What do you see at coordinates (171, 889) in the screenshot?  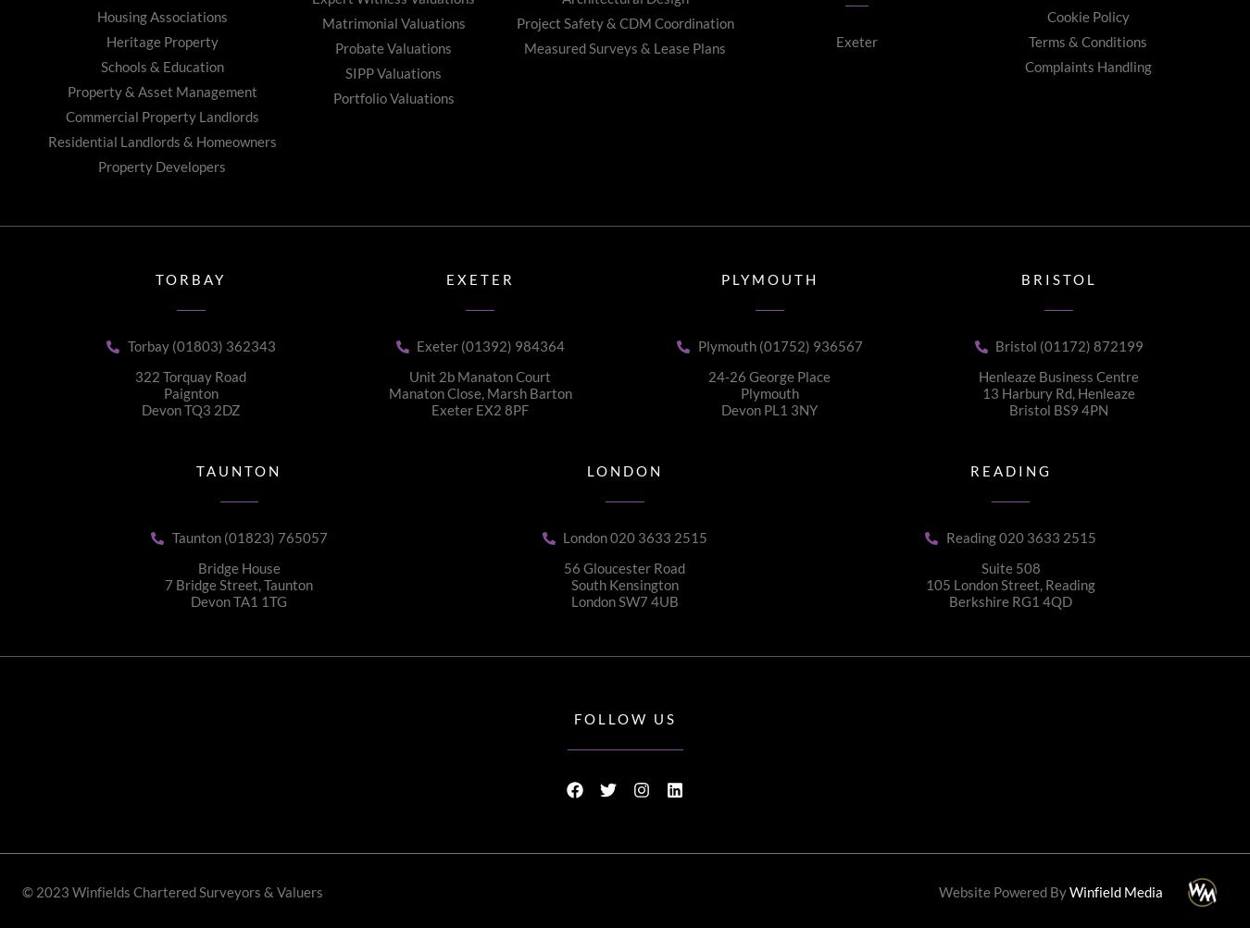 I see `'© 2023 Winfields Chartered Surveyors & Valuers'` at bounding box center [171, 889].